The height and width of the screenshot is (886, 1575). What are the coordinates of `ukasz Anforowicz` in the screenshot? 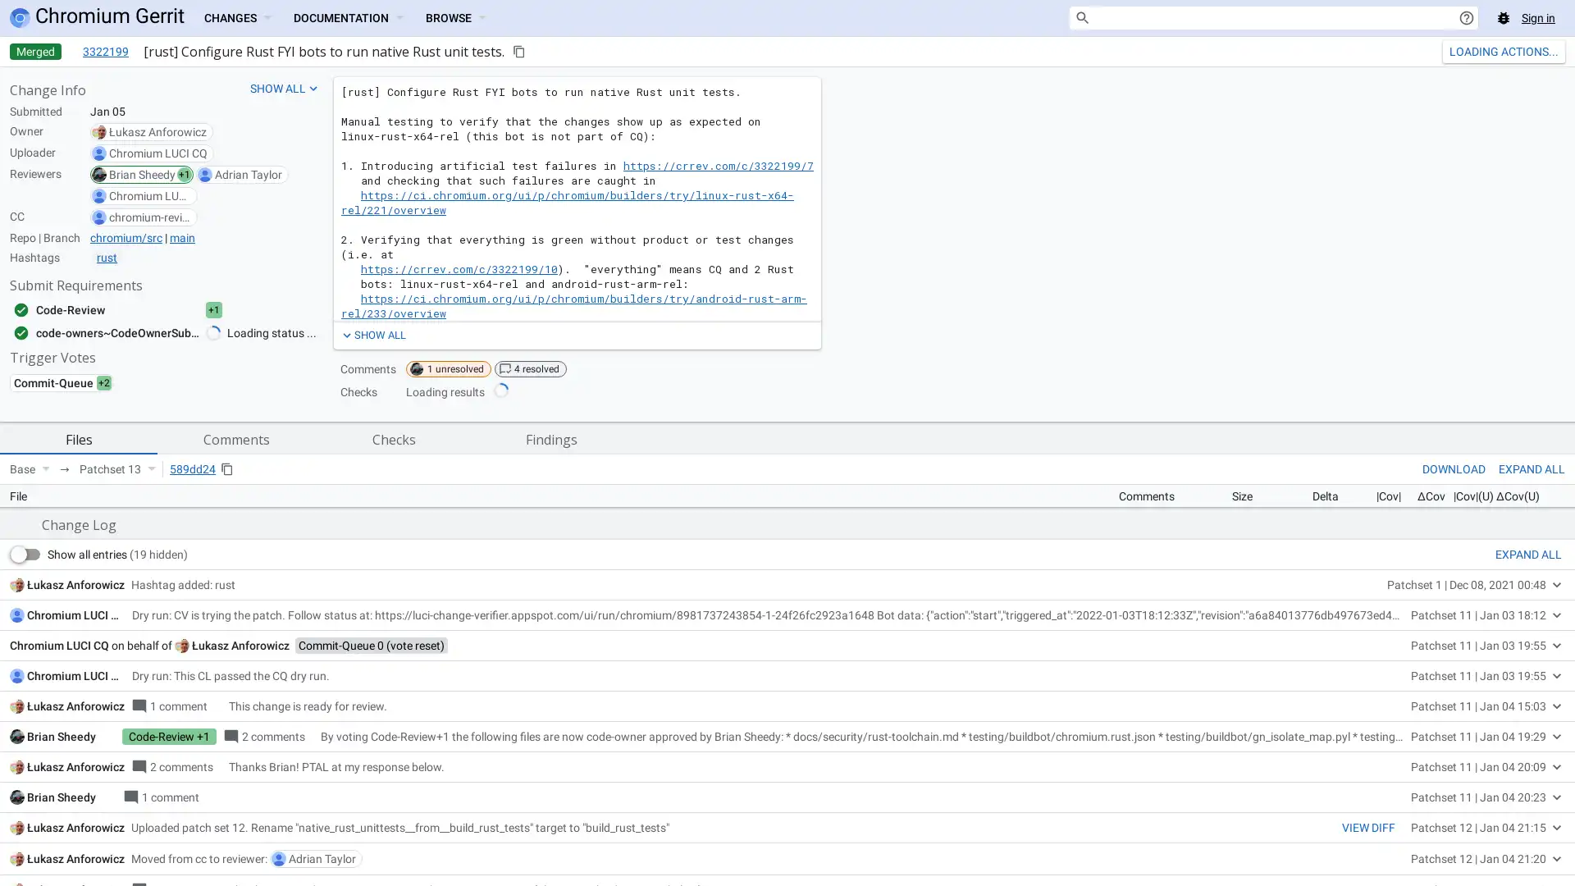 It's located at (75, 810).